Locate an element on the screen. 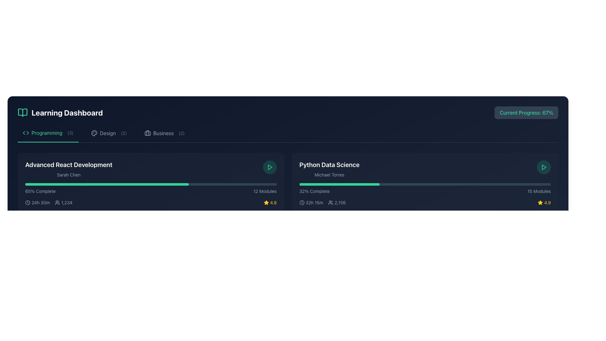 This screenshot has width=606, height=341. the rating icon located at the bottom right corner of the 'Python Data Science' card, adjacent to the text '4.9' is located at coordinates (266, 270).